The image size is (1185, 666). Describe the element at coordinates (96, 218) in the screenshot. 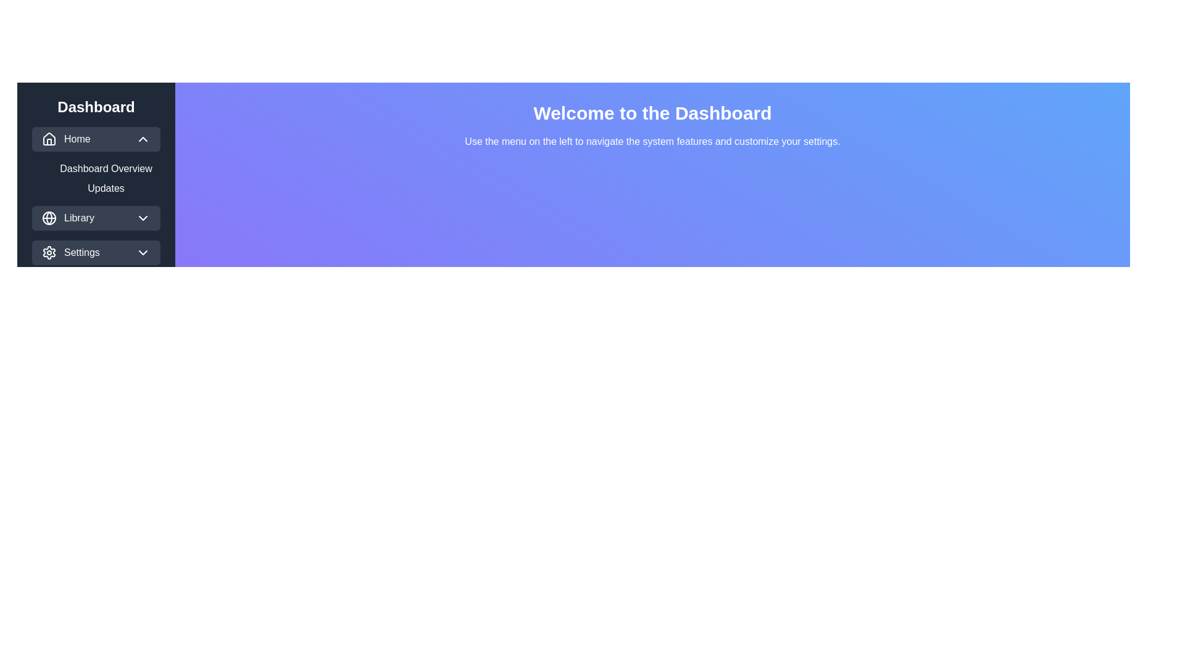

I see `the 'Library' button in the left-hand sidebar menu` at that location.